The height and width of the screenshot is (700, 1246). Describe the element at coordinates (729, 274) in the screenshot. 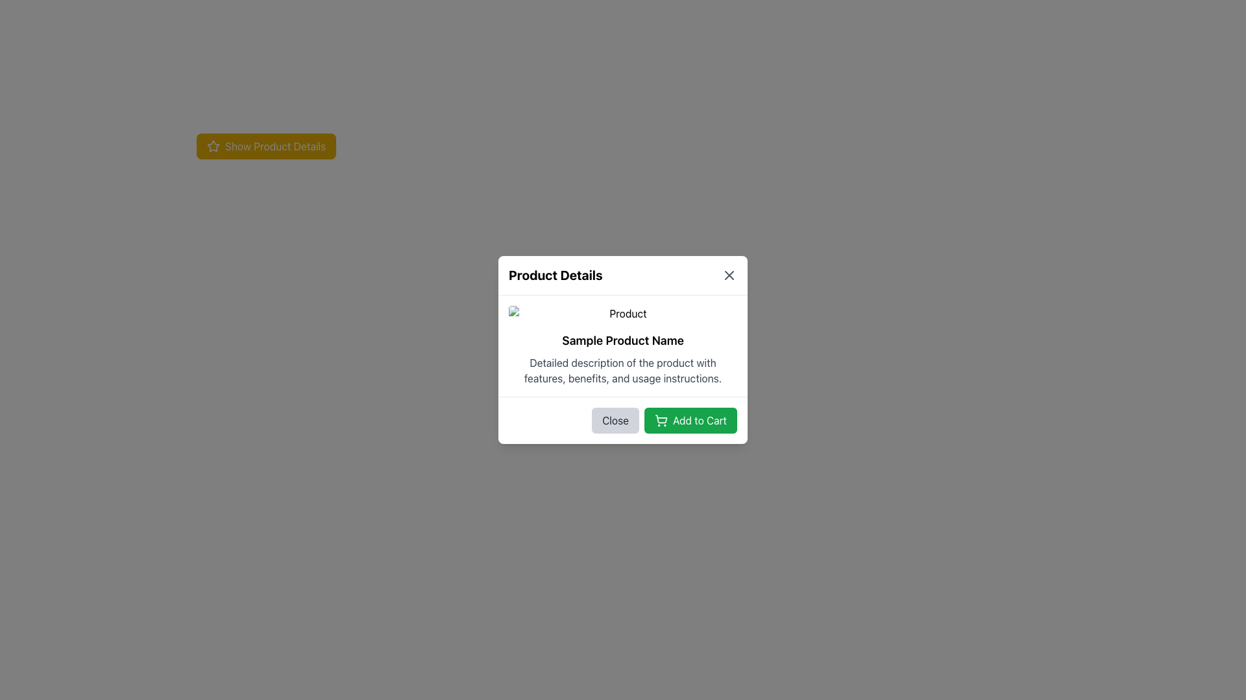

I see `the Close Button (Icon) which is a small 'X' icon at the top right corner of the 'Product Details' modal to observe the color change effect` at that location.